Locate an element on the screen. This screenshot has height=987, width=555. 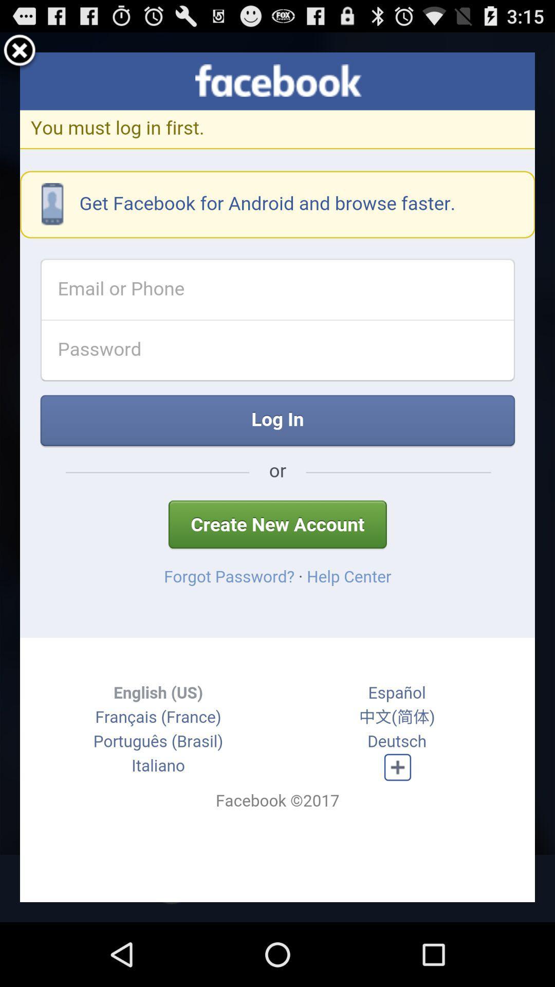
the close icon is located at coordinates (20, 55).